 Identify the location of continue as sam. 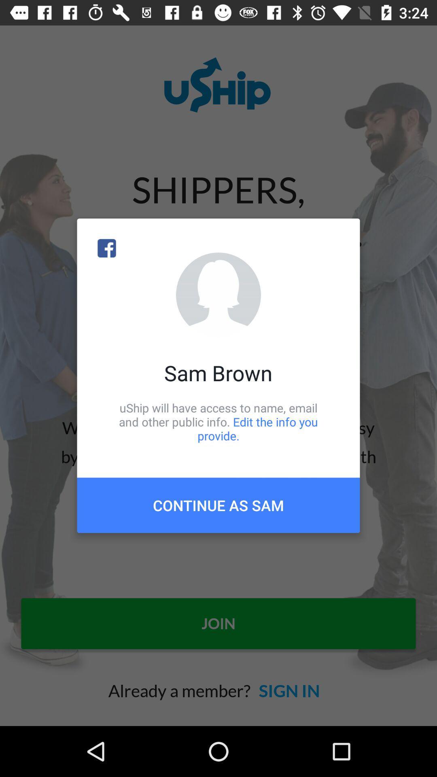
(218, 505).